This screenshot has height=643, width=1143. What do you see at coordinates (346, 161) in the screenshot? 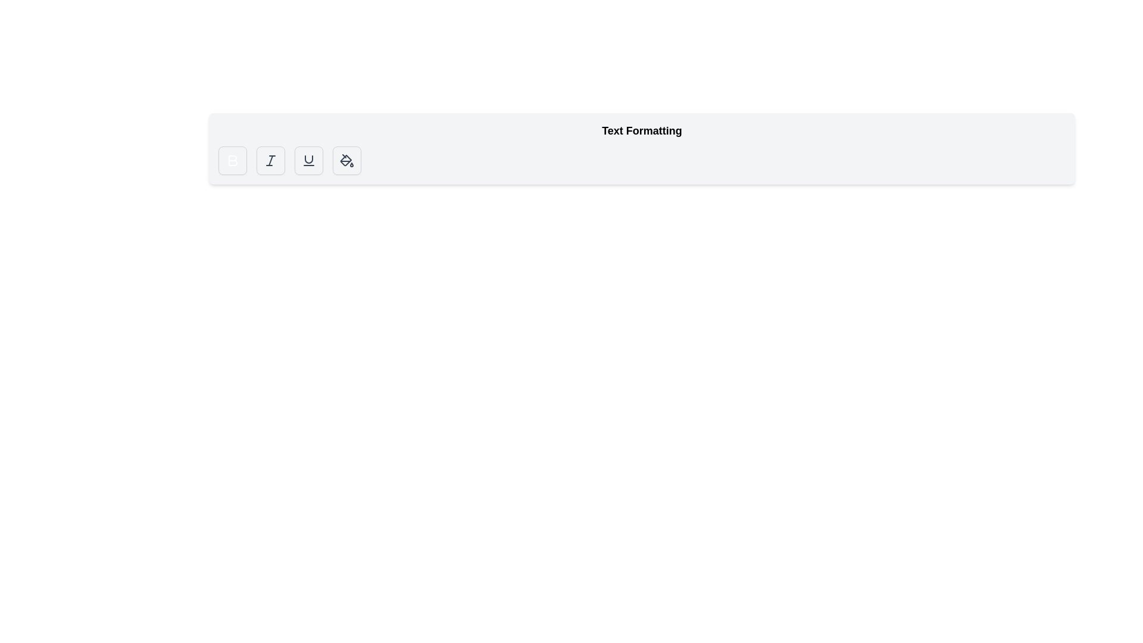
I see `the paint bucket icon, which is the fourth button from the left in the toolbar` at bounding box center [346, 161].